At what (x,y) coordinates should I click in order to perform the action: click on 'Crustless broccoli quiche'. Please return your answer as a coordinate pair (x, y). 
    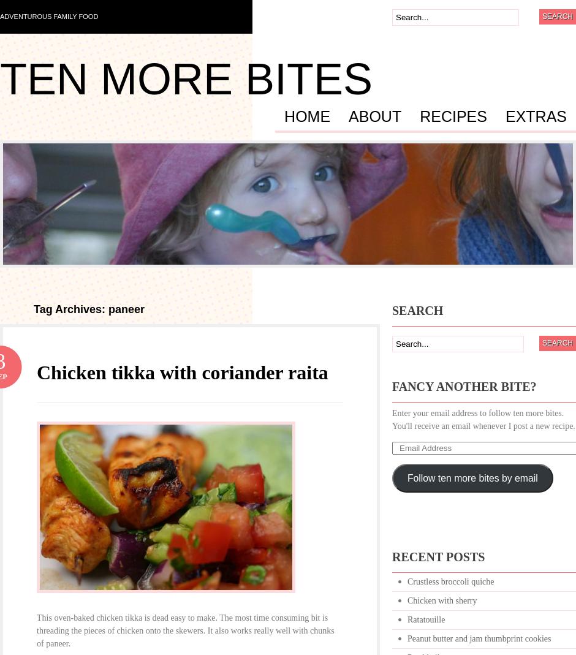
    Looking at the image, I should click on (450, 581).